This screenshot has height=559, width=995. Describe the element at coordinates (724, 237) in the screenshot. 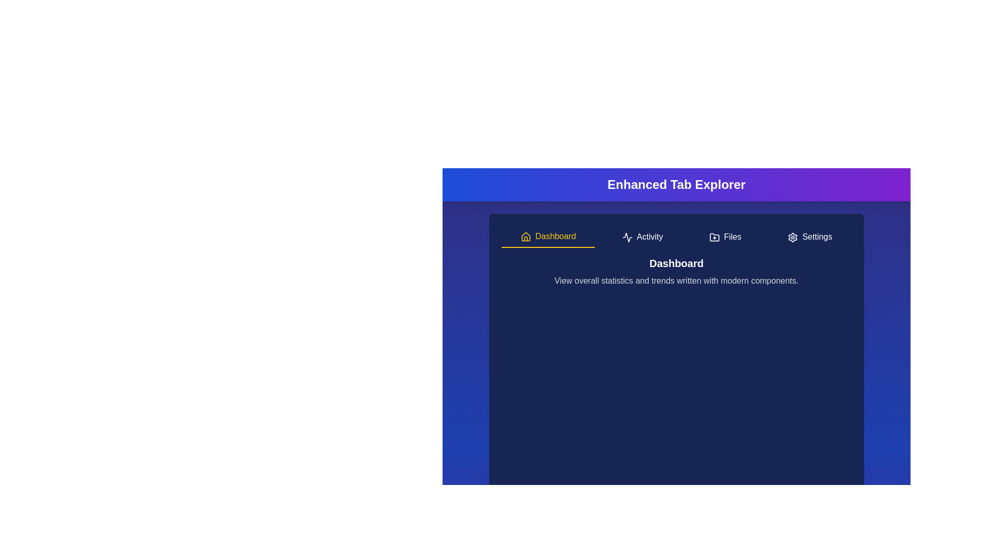

I see `the Files tab to navigate to it` at that location.